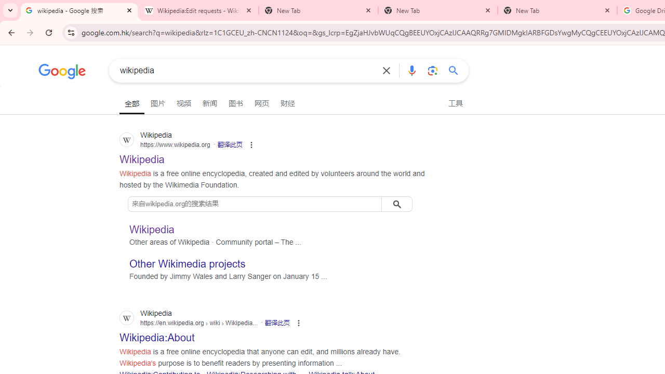 The width and height of the screenshot is (665, 374). Describe the element at coordinates (556, 10) in the screenshot. I see `'New Tab'` at that location.